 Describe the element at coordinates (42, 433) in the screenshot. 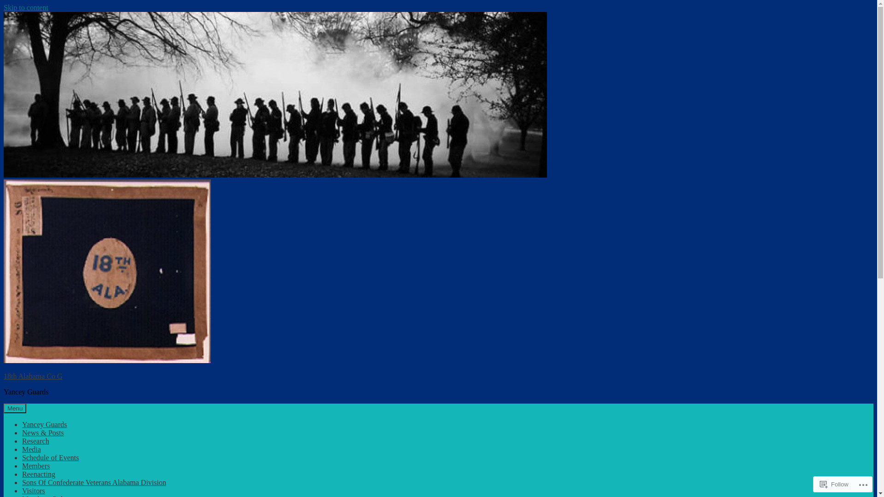

I see `'News & Posts'` at that location.